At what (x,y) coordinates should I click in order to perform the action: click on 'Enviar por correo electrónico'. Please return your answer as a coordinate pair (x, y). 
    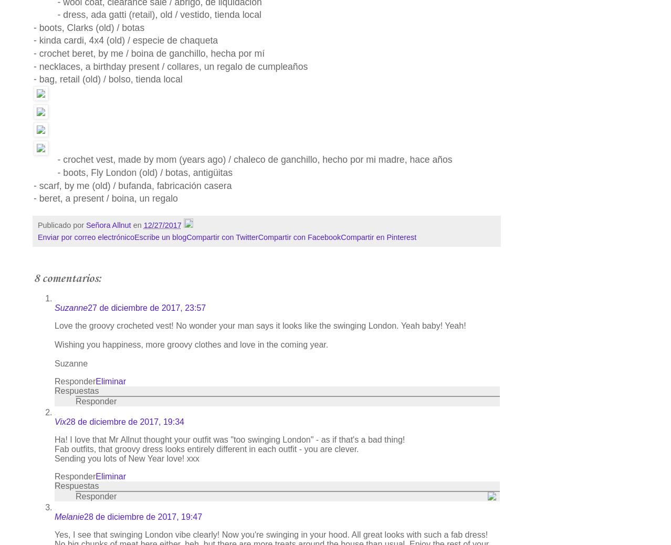
    Looking at the image, I should click on (86, 237).